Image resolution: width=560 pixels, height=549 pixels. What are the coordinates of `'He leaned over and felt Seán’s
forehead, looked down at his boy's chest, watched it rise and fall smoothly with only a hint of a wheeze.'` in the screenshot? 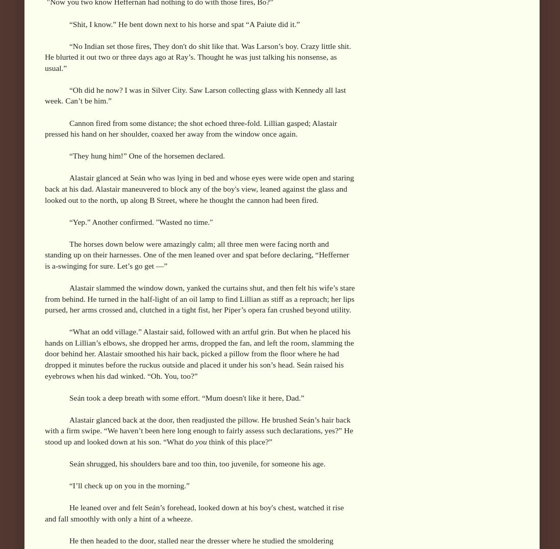 It's located at (44, 512).